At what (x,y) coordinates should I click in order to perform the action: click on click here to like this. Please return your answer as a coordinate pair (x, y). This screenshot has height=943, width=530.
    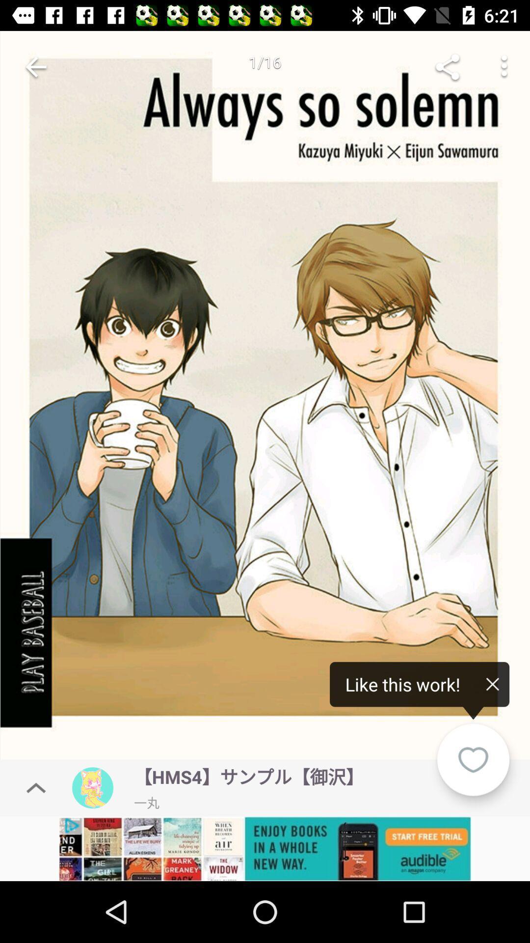
    Looking at the image, I should click on (265, 398).